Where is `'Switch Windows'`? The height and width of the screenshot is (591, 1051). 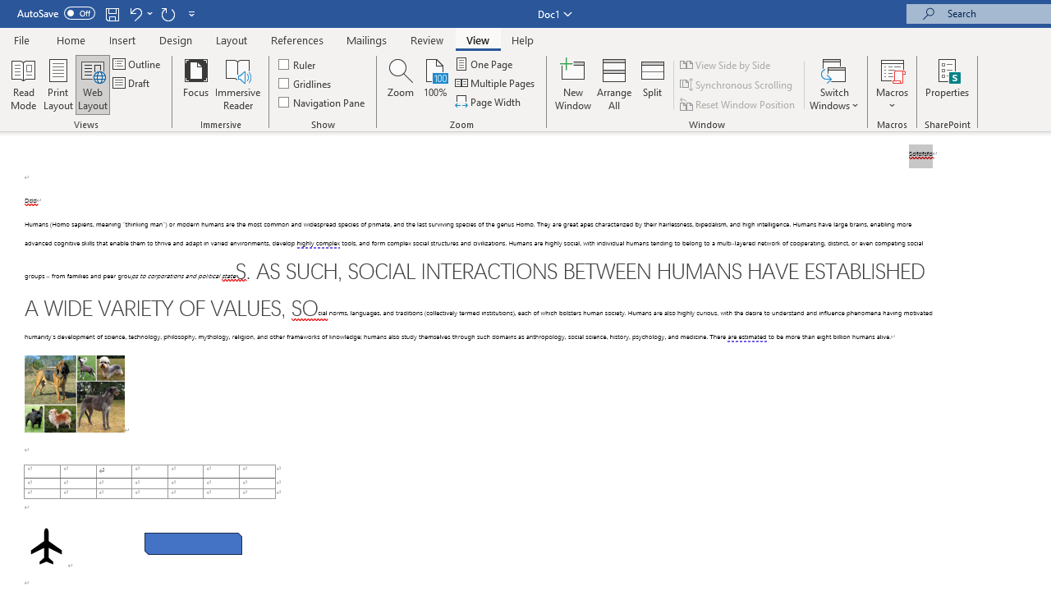
'Switch Windows' is located at coordinates (834, 85).